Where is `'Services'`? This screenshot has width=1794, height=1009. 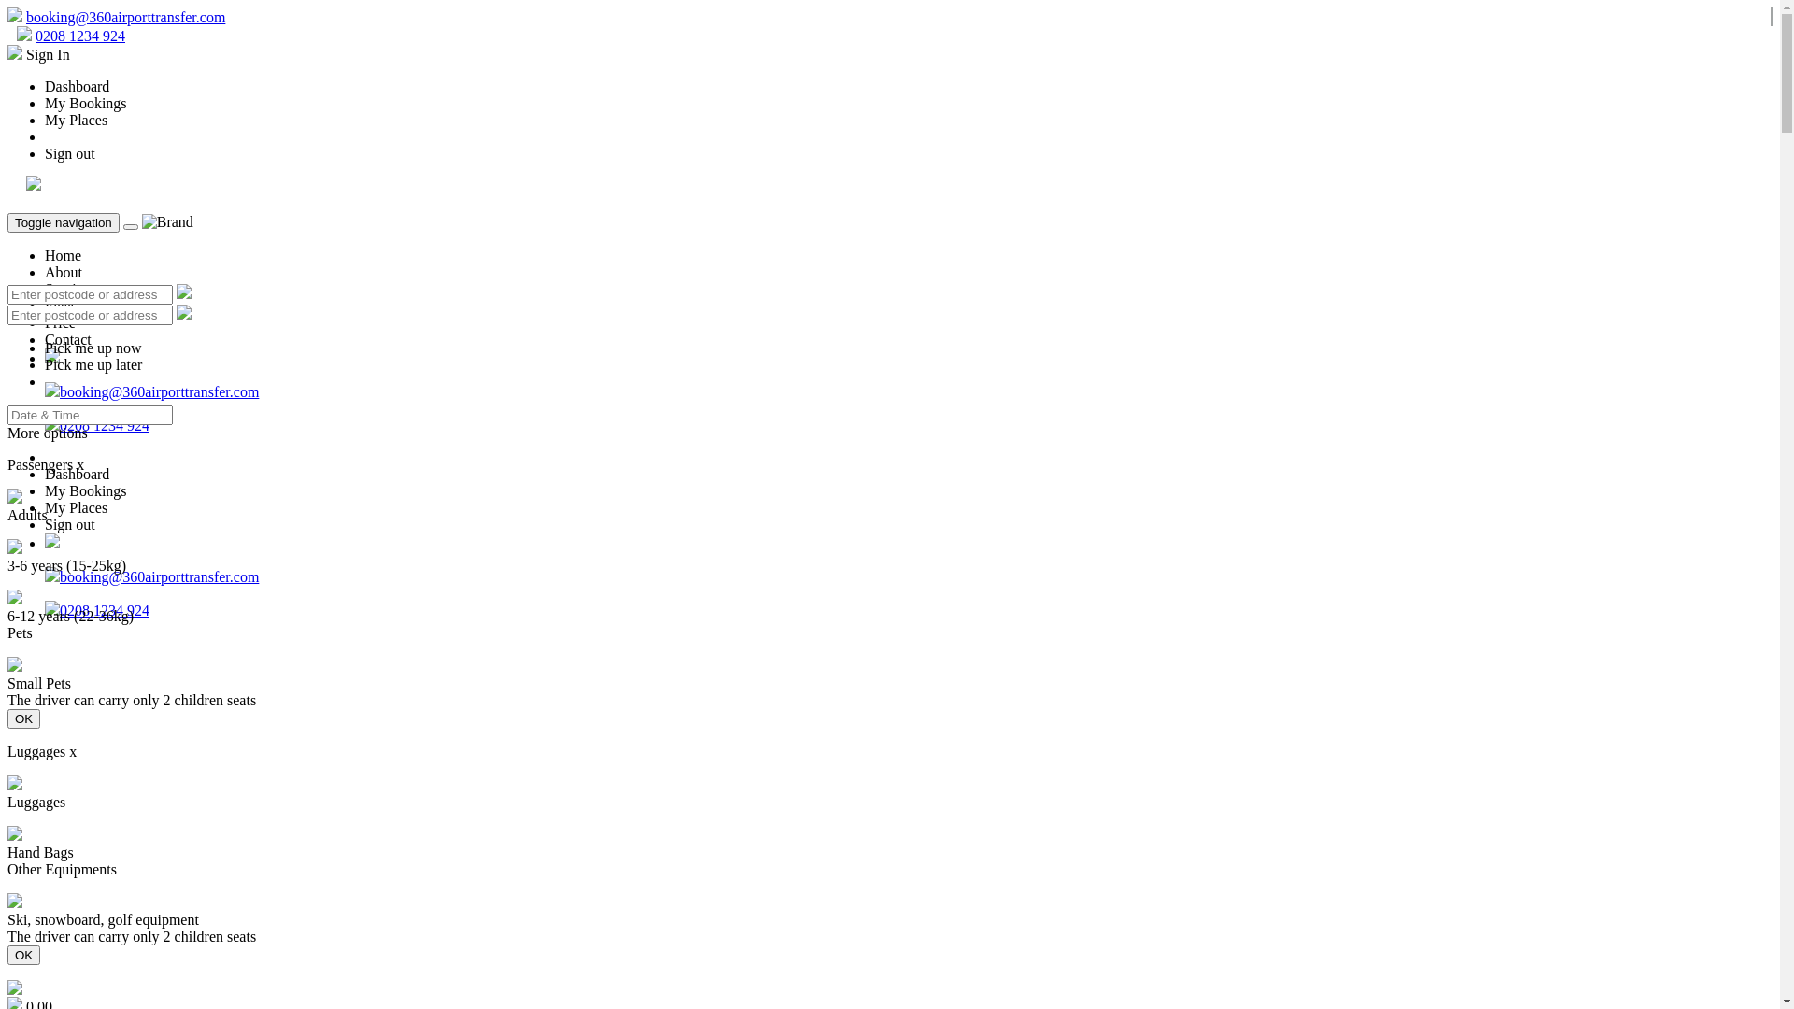 'Services' is located at coordinates (70, 289).